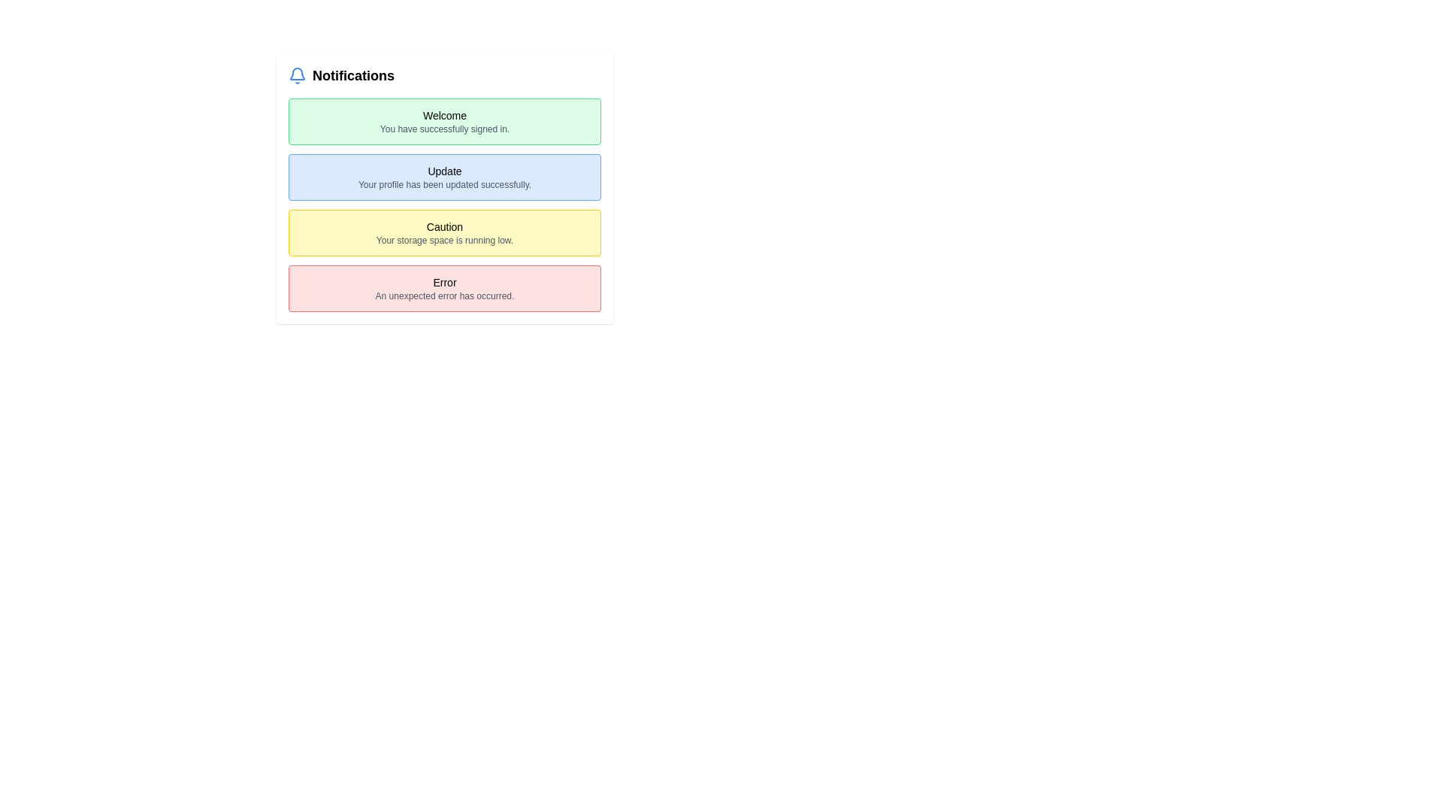  I want to click on the text label that reads 'Your profile has been updated successfully.' which is styled in a smaller muted gray font and is located below the main heading 'Update' in the second notification box, so click(443, 184).